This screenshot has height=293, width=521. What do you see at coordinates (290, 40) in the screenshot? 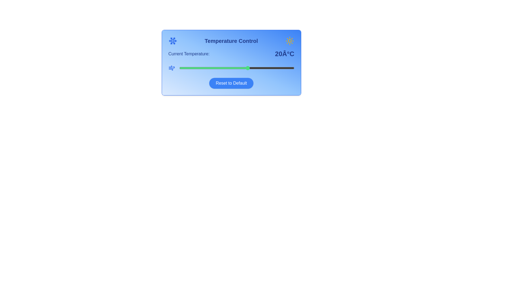
I see `the graphical icon representing temperature control functionality located at the top-right corner of the 'Temperature Control' section` at bounding box center [290, 40].